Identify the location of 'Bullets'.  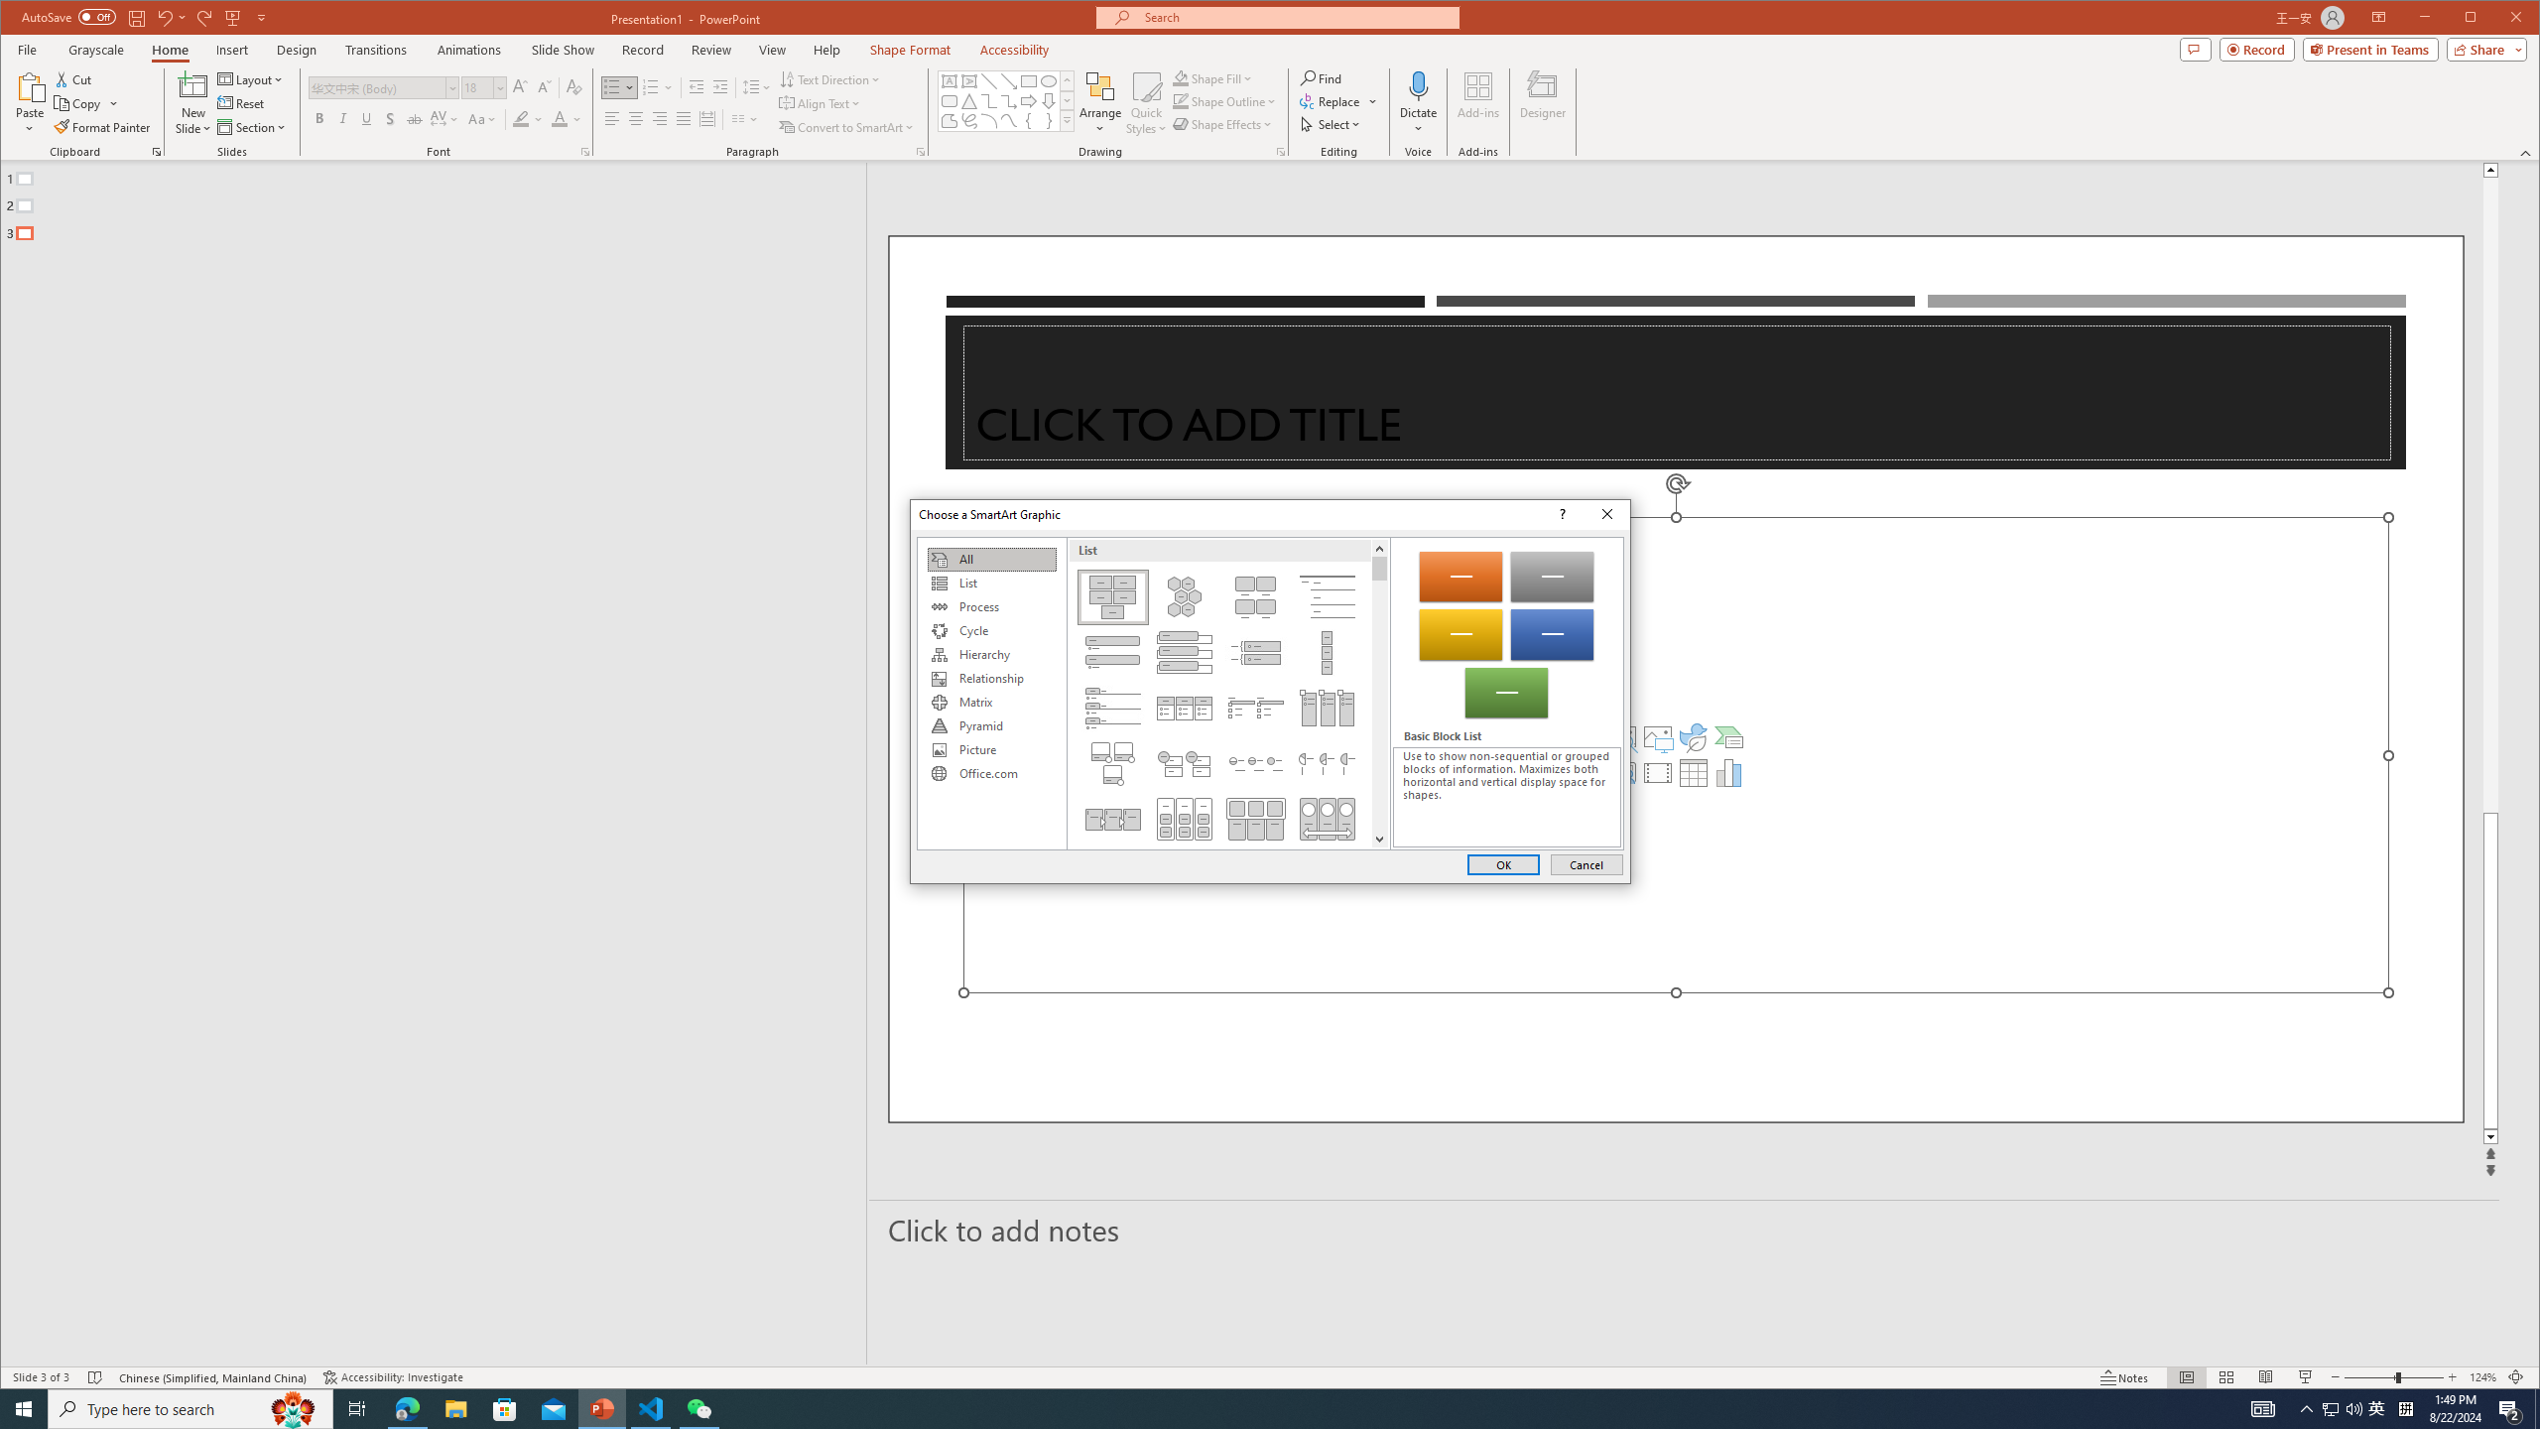
(618, 86).